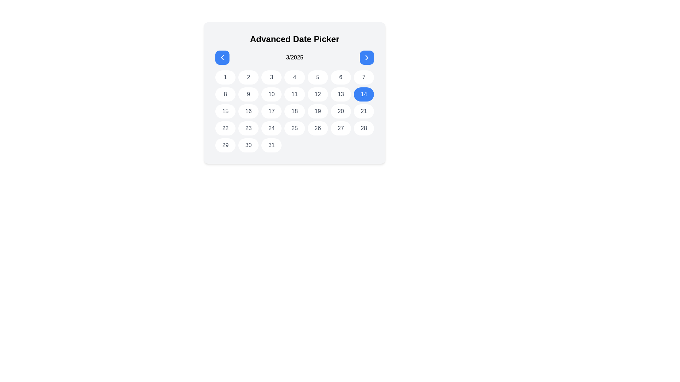 This screenshot has width=680, height=382. Describe the element at coordinates (271, 111) in the screenshot. I see `the button displaying the number '17' in the date picker grid` at that location.